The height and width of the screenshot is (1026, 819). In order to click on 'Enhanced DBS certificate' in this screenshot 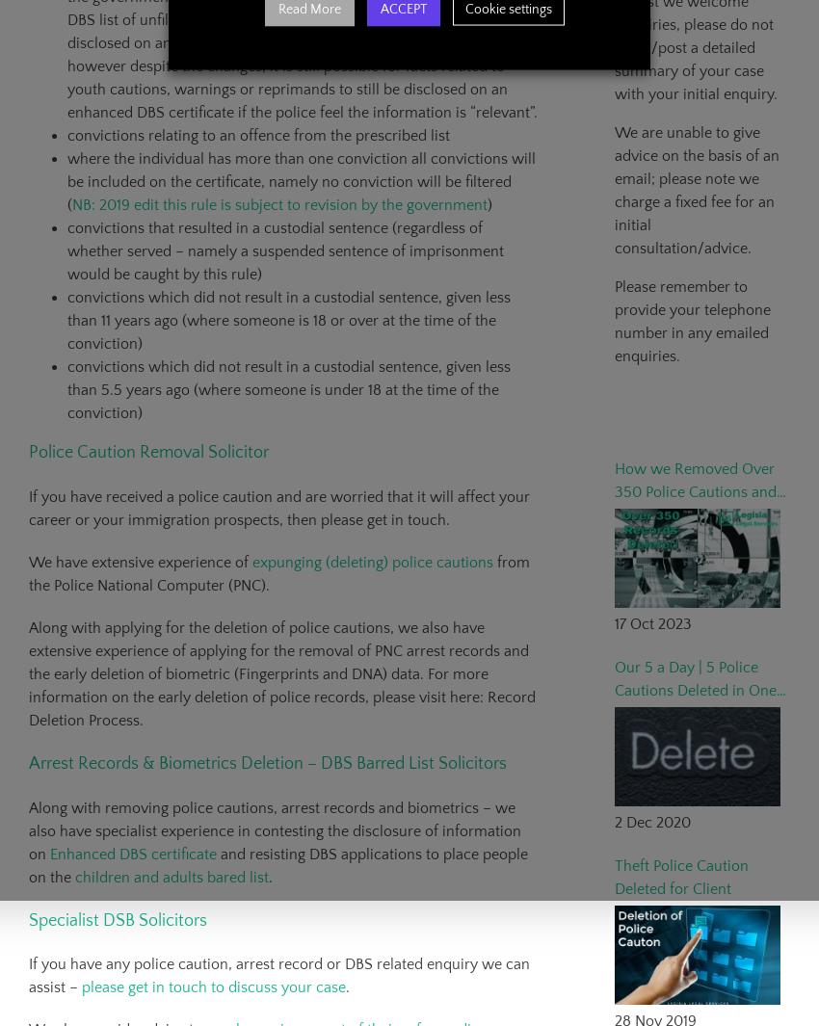, I will do `click(133, 853)`.